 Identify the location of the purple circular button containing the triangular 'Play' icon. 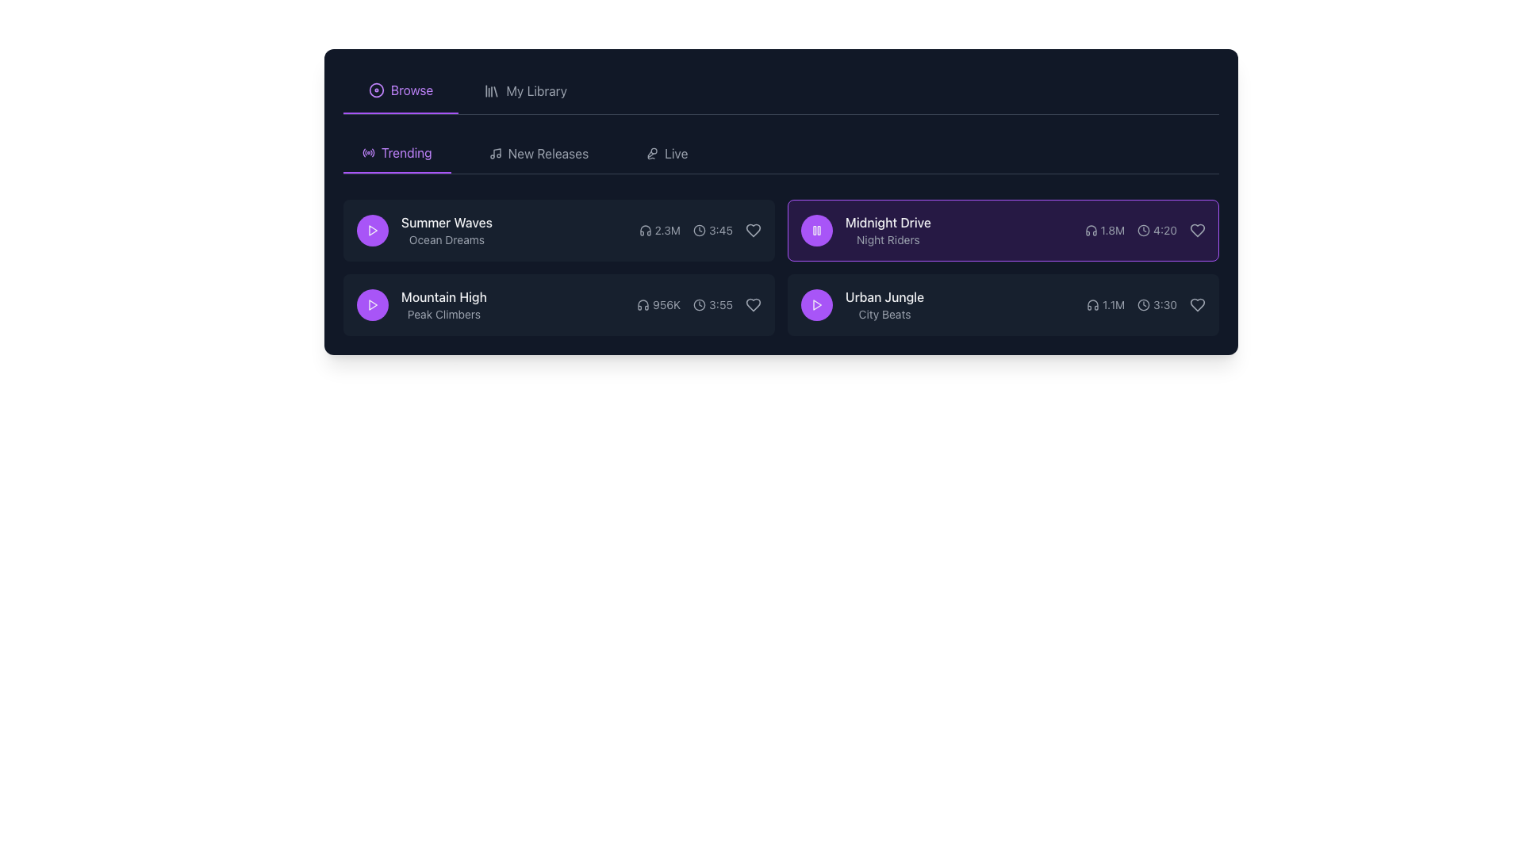
(372, 305).